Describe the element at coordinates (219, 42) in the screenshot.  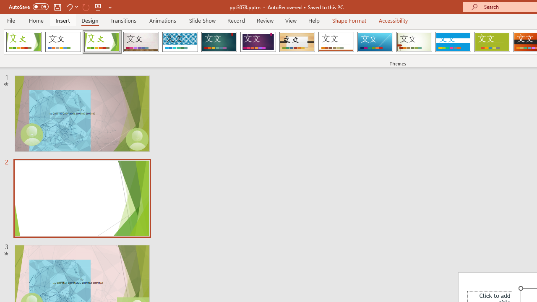
I see `'Ion'` at that location.